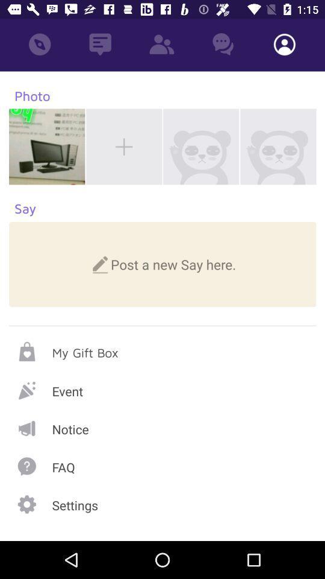 This screenshot has width=325, height=579. What do you see at coordinates (162, 351) in the screenshot?
I see `my gift box page` at bounding box center [162, 351].